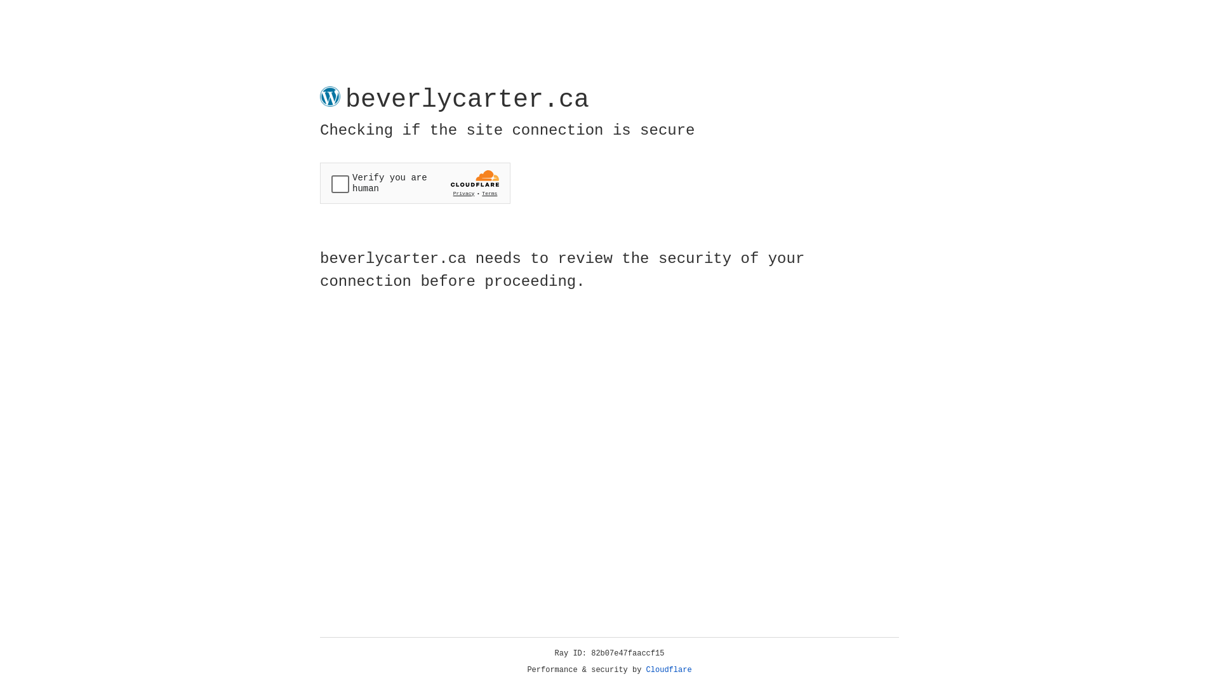  Describe the element at coordinates (669, 669) in the screenshot. I see `'Cloudflare'` at that location.